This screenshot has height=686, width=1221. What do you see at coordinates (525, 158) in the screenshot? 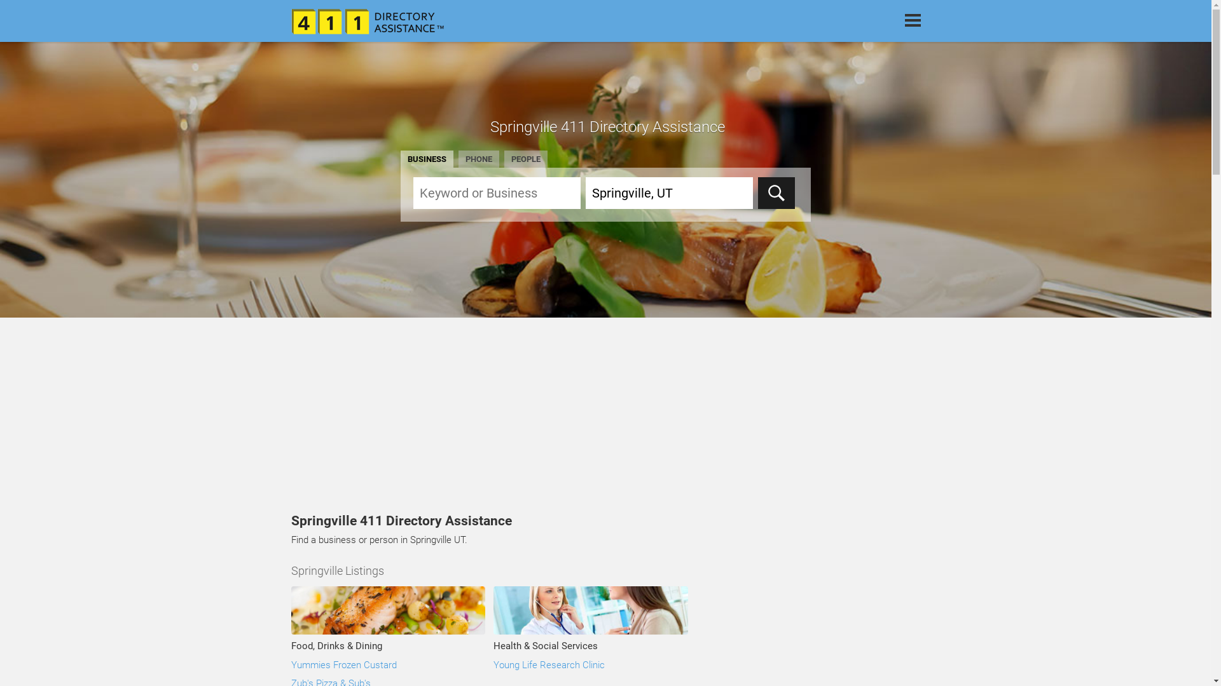
I see `'PEOPLE'` at bounding box center [525, 158].